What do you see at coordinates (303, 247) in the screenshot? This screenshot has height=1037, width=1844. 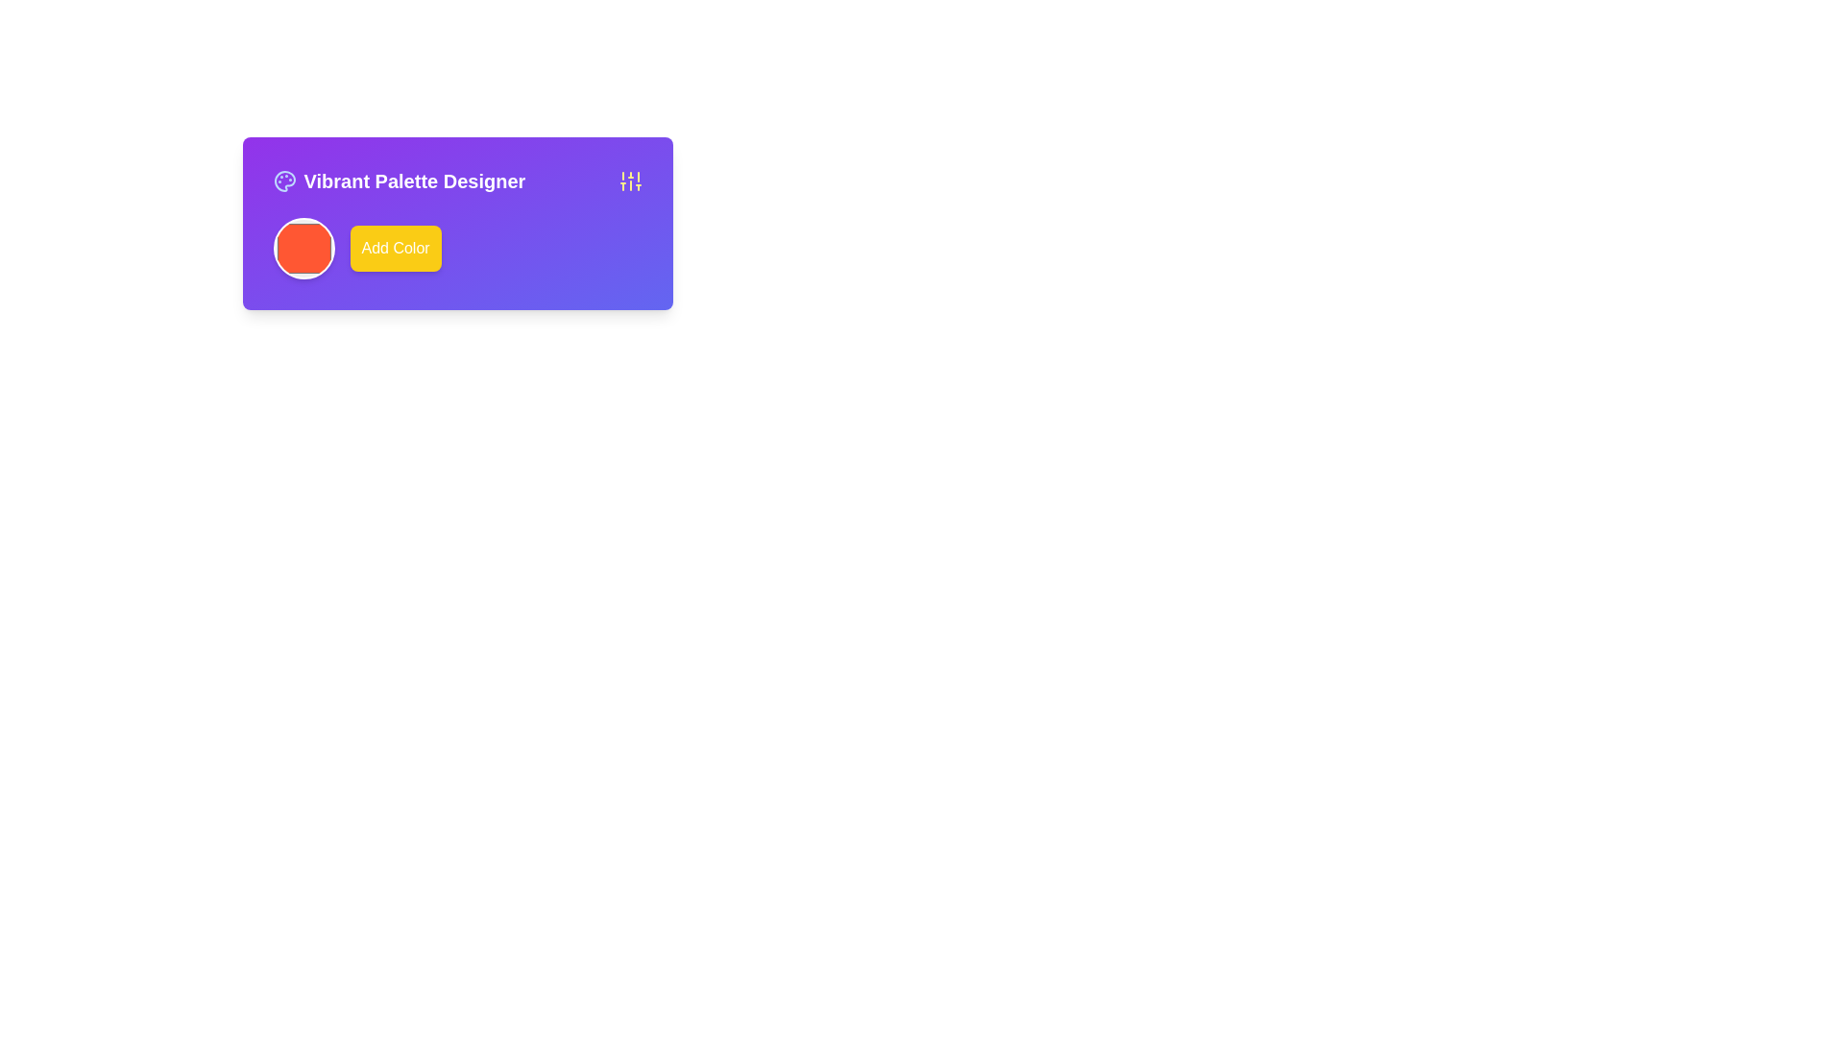 I see `the circular color picker with red fill encased in a white border` at bounding box center [303, 247].